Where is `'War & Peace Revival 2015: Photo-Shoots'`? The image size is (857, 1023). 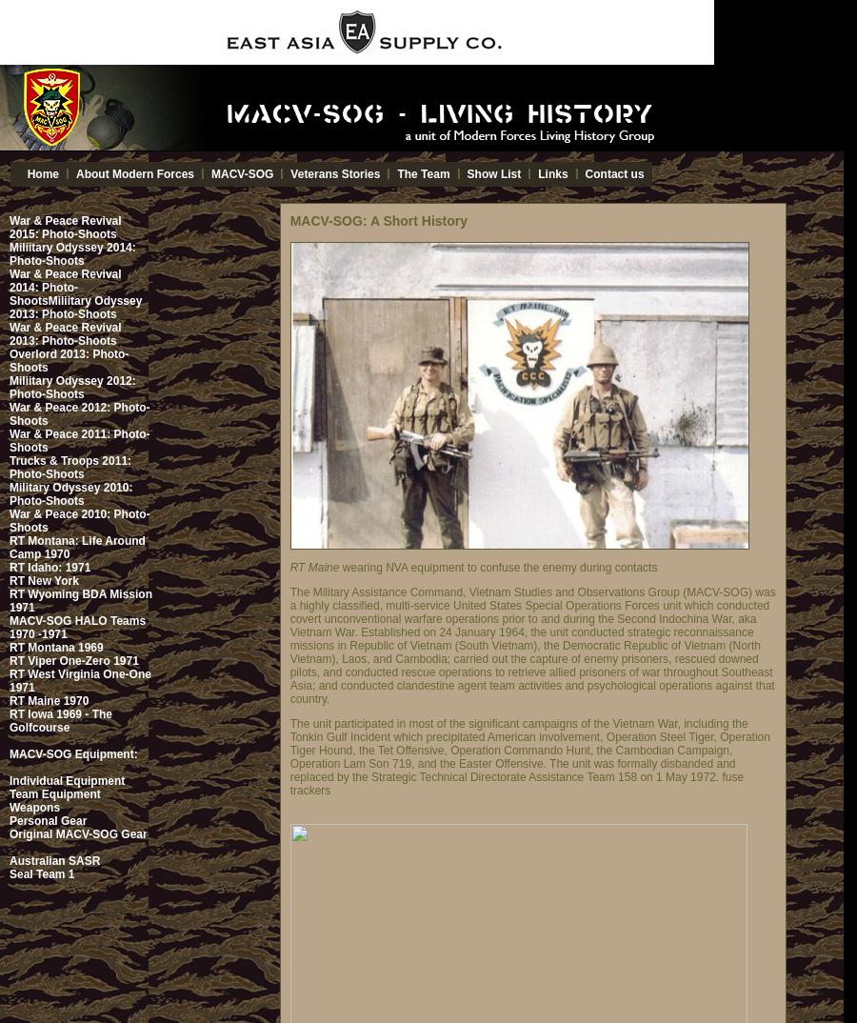
'War & Peace Revival 2015: Photo-Shoots' is located at coordinates (8, 226).